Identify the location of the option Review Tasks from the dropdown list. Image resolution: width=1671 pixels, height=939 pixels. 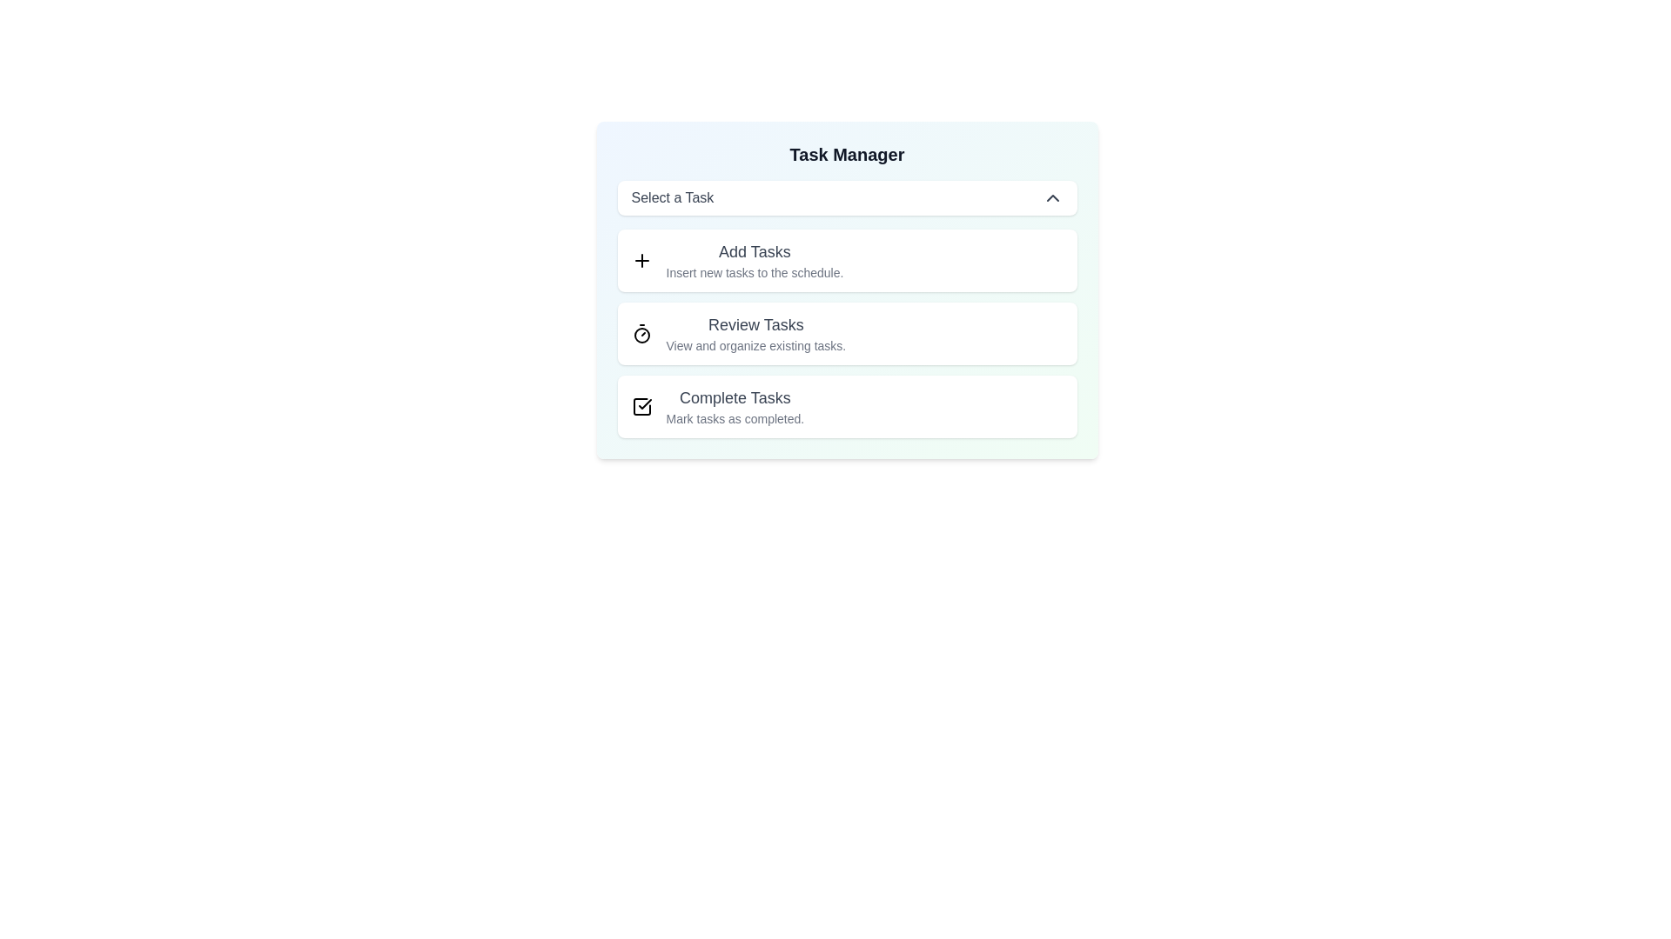
(641, 334).